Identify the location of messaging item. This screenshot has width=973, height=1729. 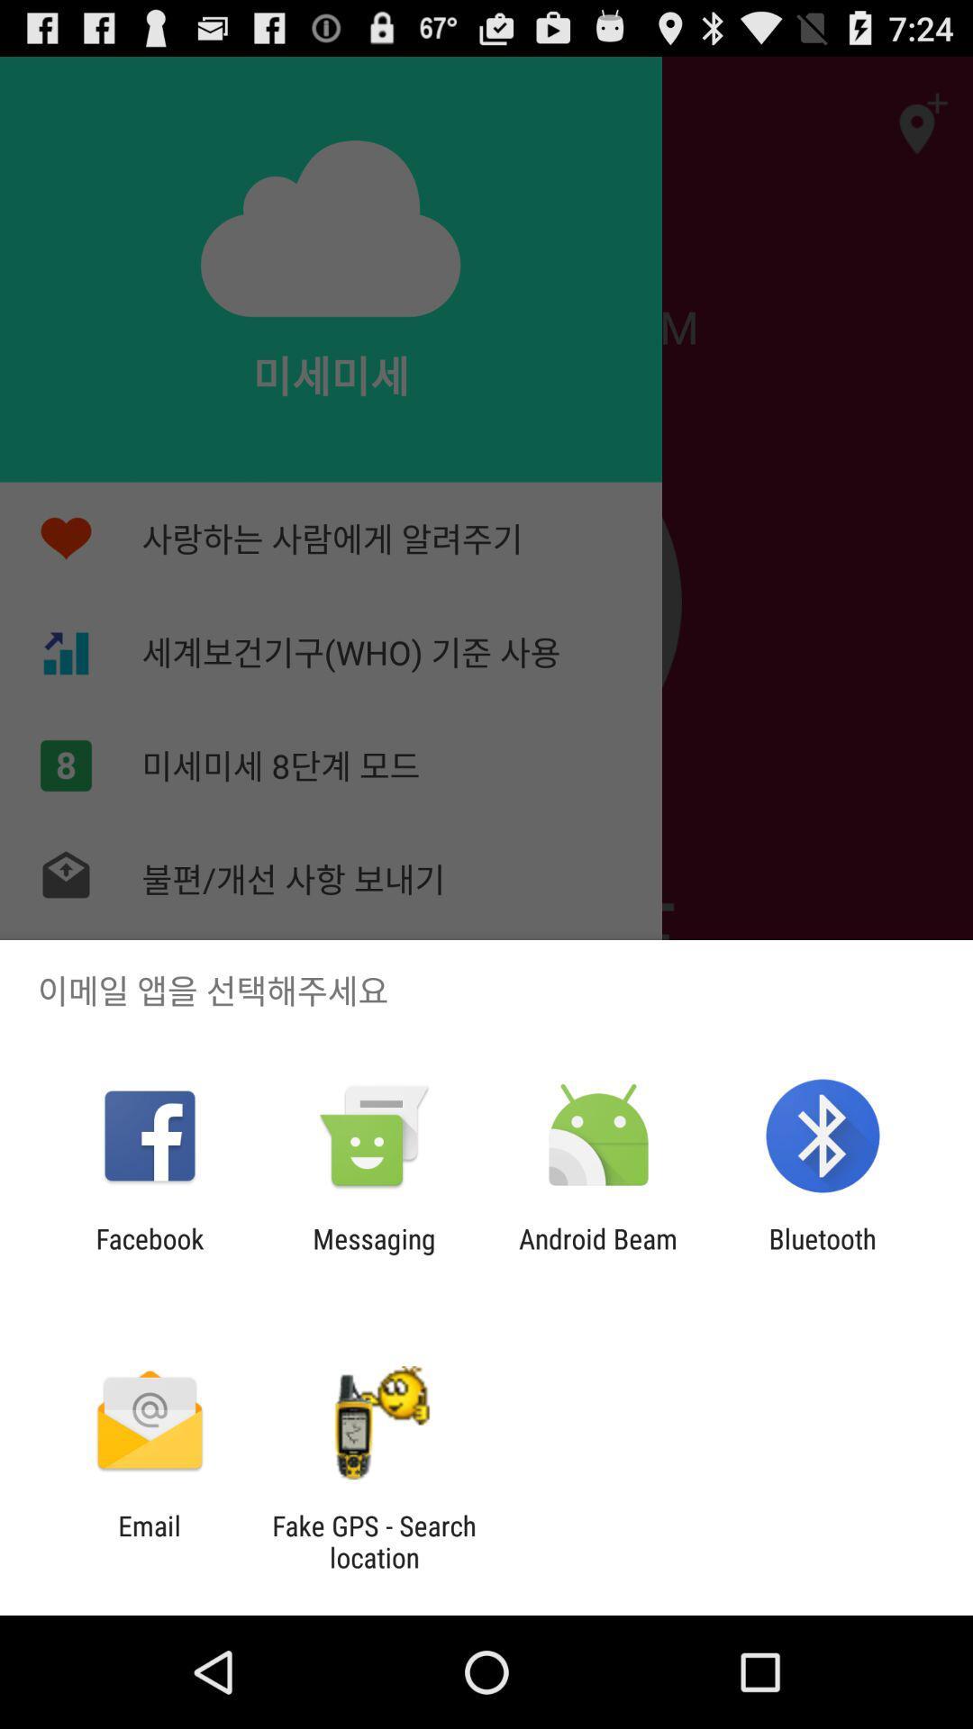
(373, 1254).